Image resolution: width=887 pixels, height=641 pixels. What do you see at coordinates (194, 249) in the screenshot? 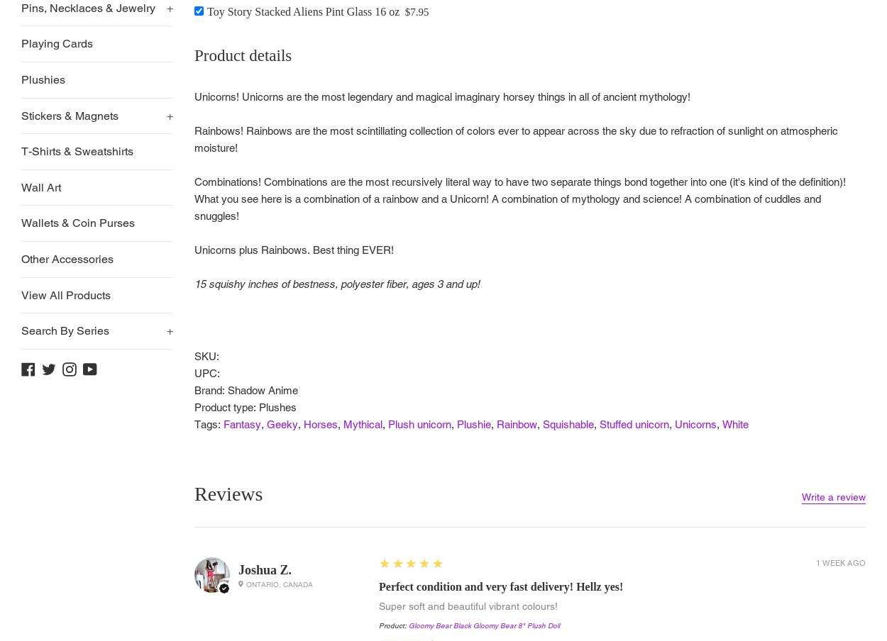
I see `'Unicorns plus Rainbows. Best thing EVER!'` at bounding box center [194, 249].